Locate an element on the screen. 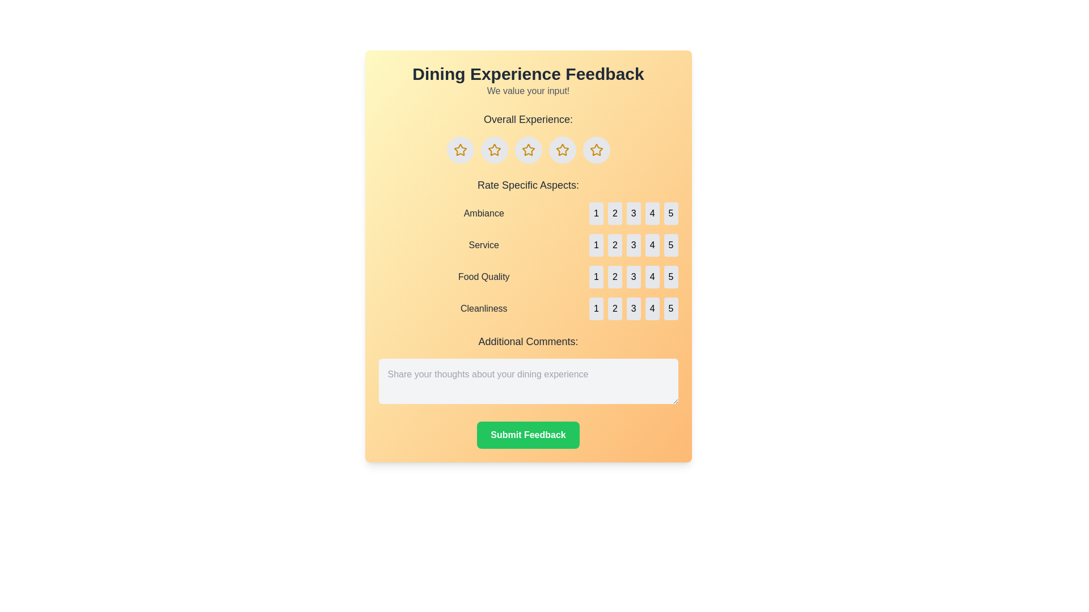 This screenshot has width=1089, height=612. the second button with the number '2' in the 'Cleanliness' section of the 'Rate Specific Aspects' group for selection is located at coordinates (614, 308).